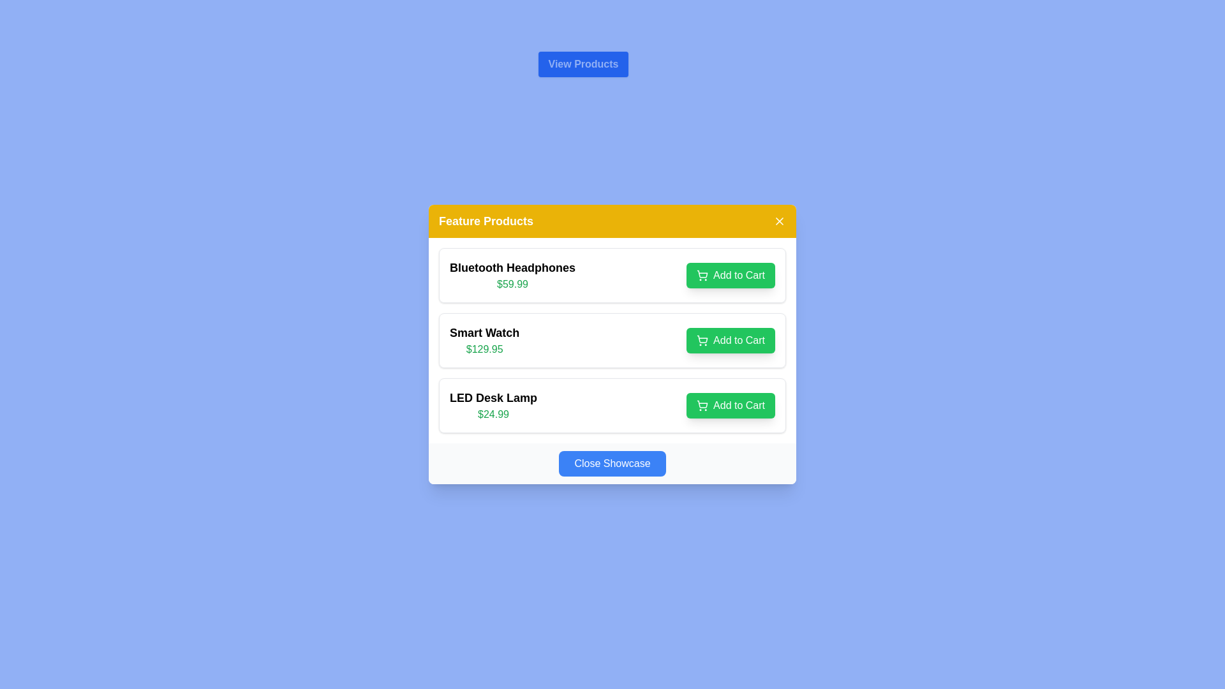 The width and height of the screenshot is (1225, 689). I want to click on the button that navigates to the available products section, which is located above the 'Feature Products' section and is the only button in that position, so click(583, 64).